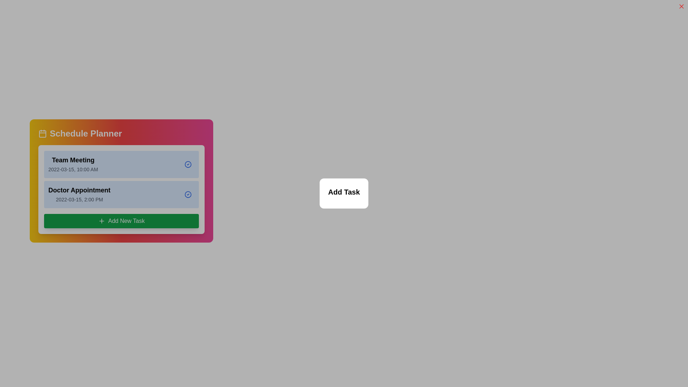  Describe the element at coordinates (188, 164) in the screenshot. I see `the circular button with a blue outline and checkmark icon to confirm the associated task in the 'Team Meeting, 2022-03-15, 10:00 AM' entry of the schedule list` at that location.